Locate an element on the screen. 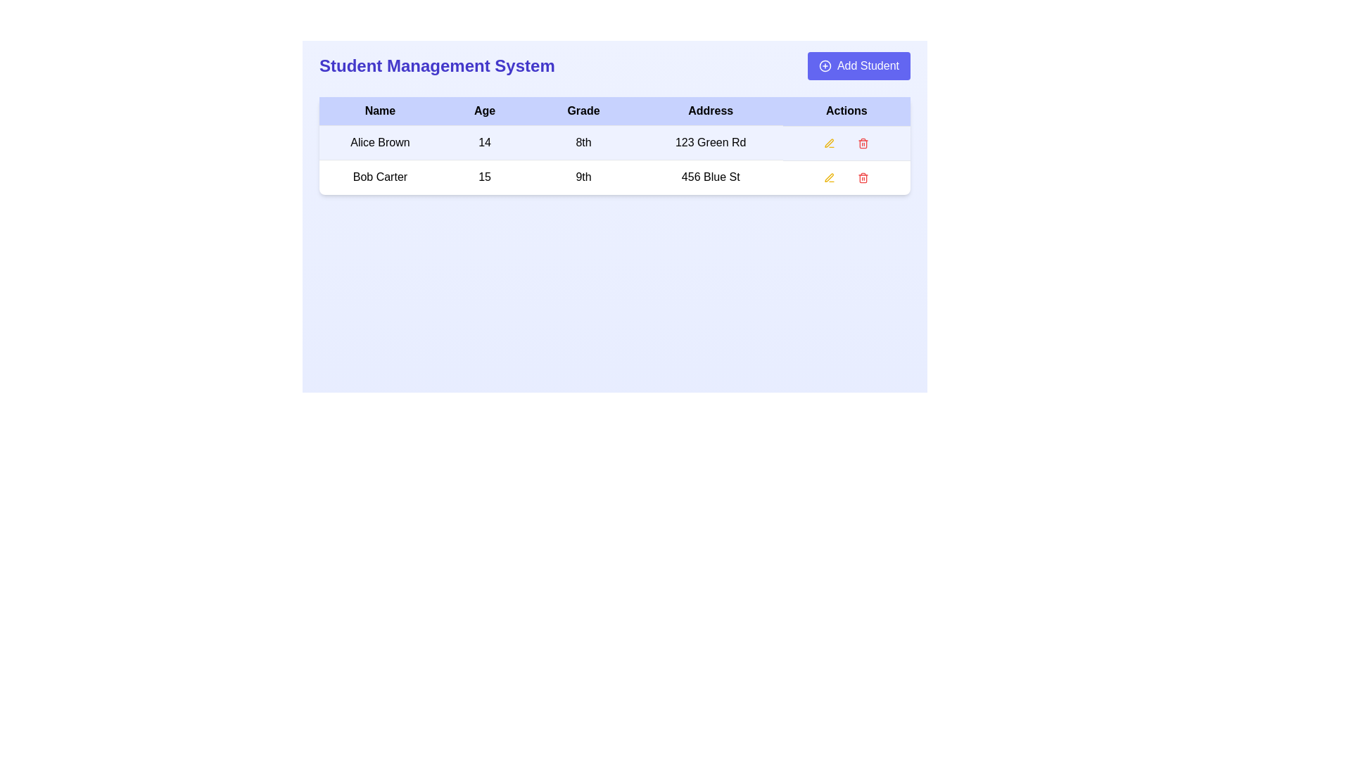 This screenshot has height=760, width=1351. the edit icon in the 'Actions' column of the second row in the 'Student Management System' table to trigger the edit functionality is located at coordinates (830, 177).